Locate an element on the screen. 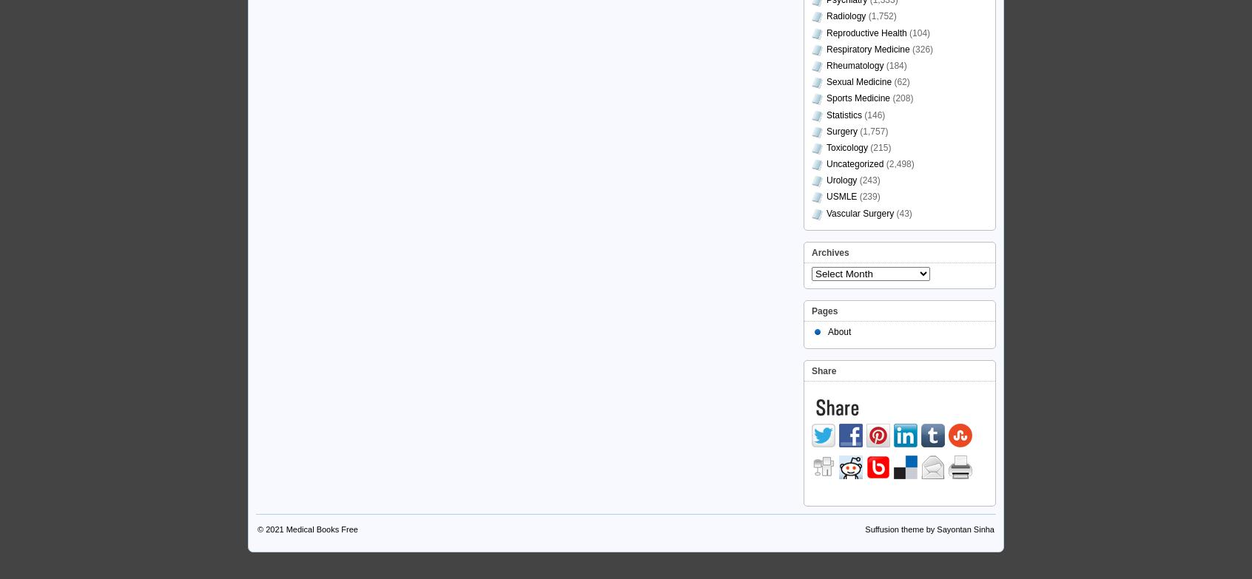  'Share' is located at coordinates (824, 370).